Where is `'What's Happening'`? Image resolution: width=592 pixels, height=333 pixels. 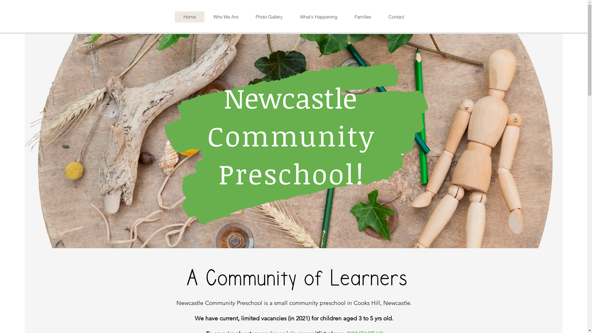
'What's Happening' is located at coordinates (318, 16).